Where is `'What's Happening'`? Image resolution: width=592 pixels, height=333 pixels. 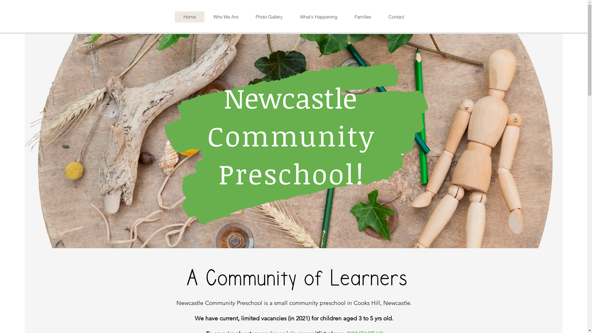
'What's Happening' is located at coordinates (318, 16).